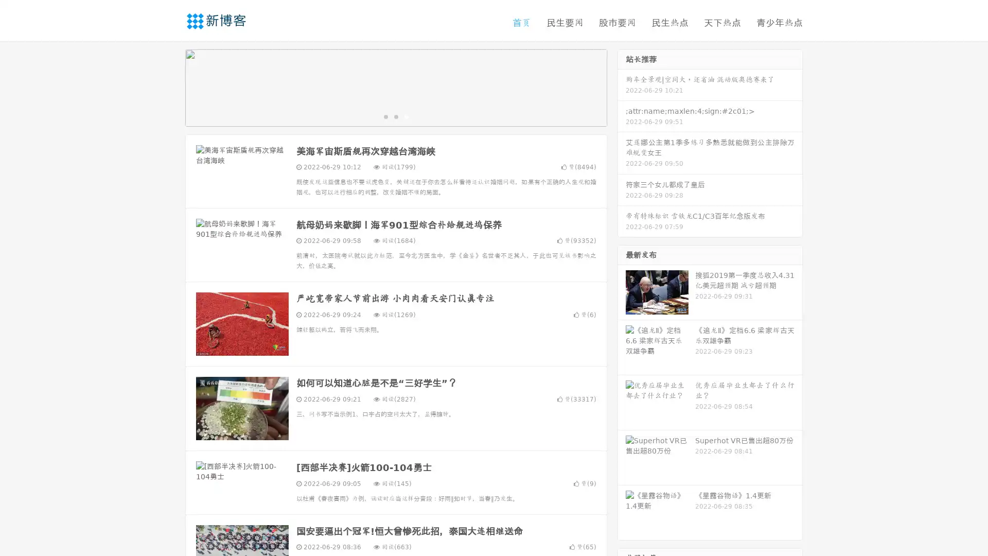 The width and height of the screenshot is (988, 556). I want to click on Go to slide 3, so click(406, 116).